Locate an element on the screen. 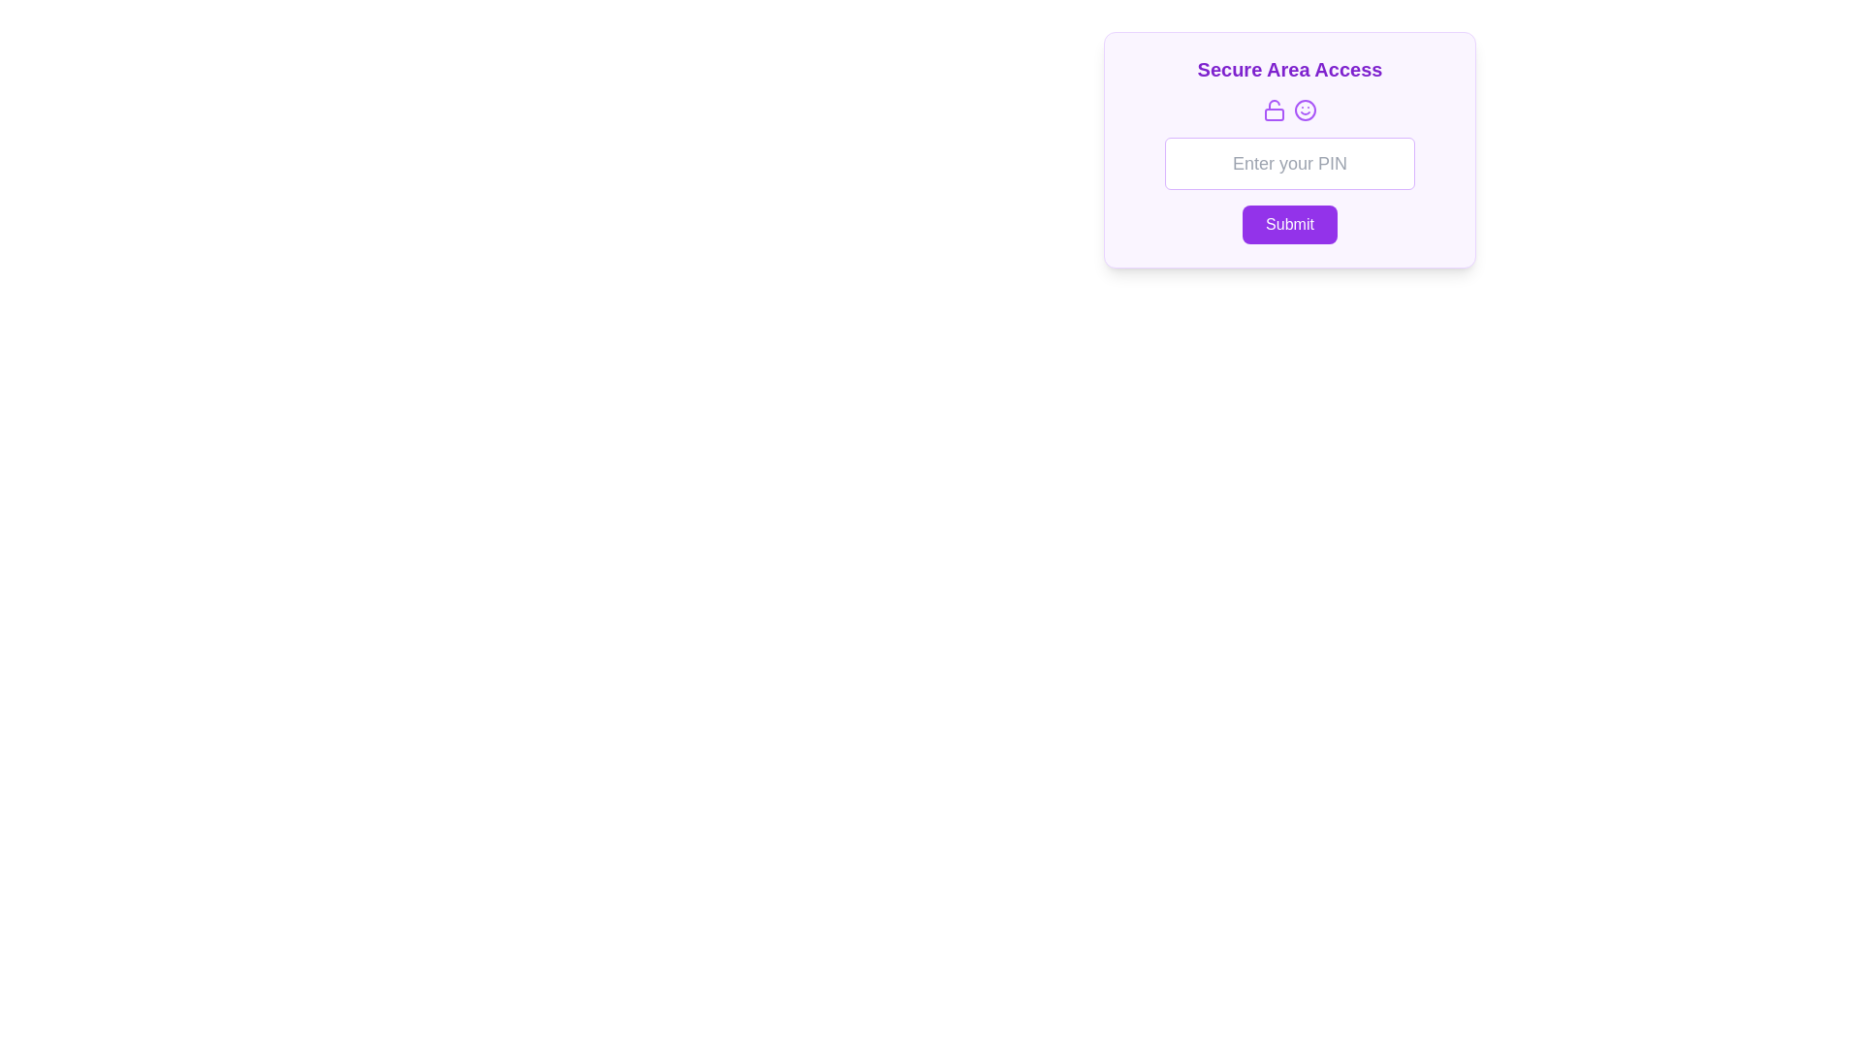 This screenshot has height=1047, width=1861. the first icon in the group, which symbolizes an unlocked state or accessibility features is located at coordinates (1275, 111).